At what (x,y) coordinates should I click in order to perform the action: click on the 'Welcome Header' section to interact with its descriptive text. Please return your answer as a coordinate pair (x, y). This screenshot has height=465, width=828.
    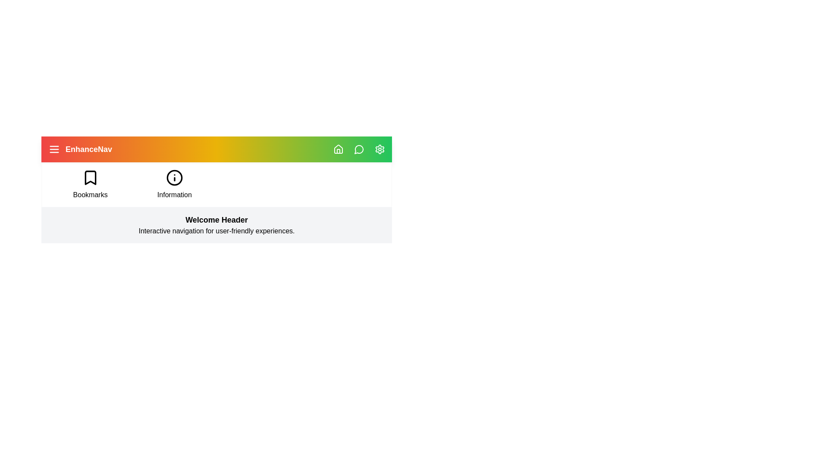
    Looking at the image, I should click on (216, 219).